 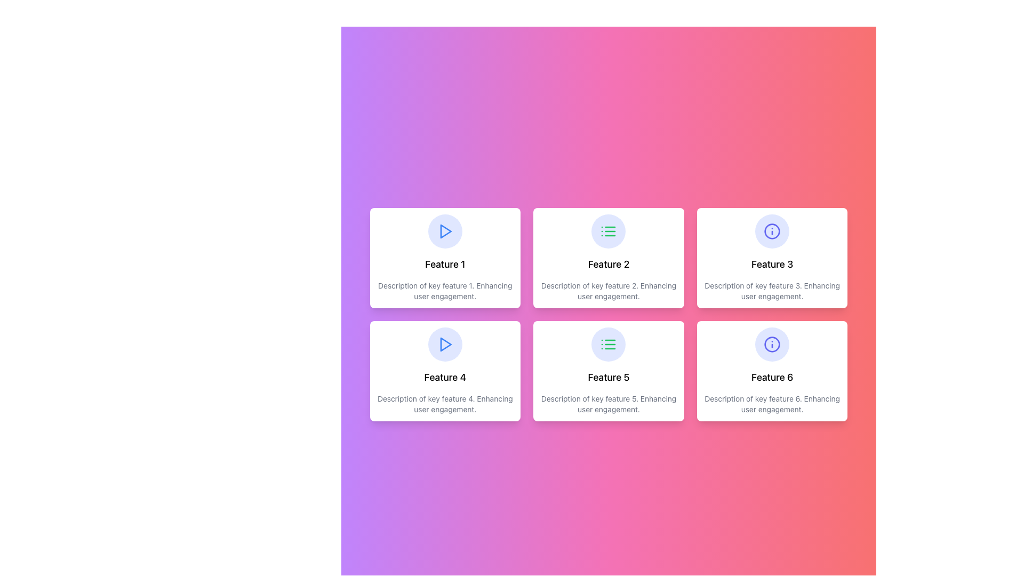 I want to click on the card associated with the 'Feature 2' text label, which is a medium-sized bold text located beneath an icon, so click(x=609, y=264).